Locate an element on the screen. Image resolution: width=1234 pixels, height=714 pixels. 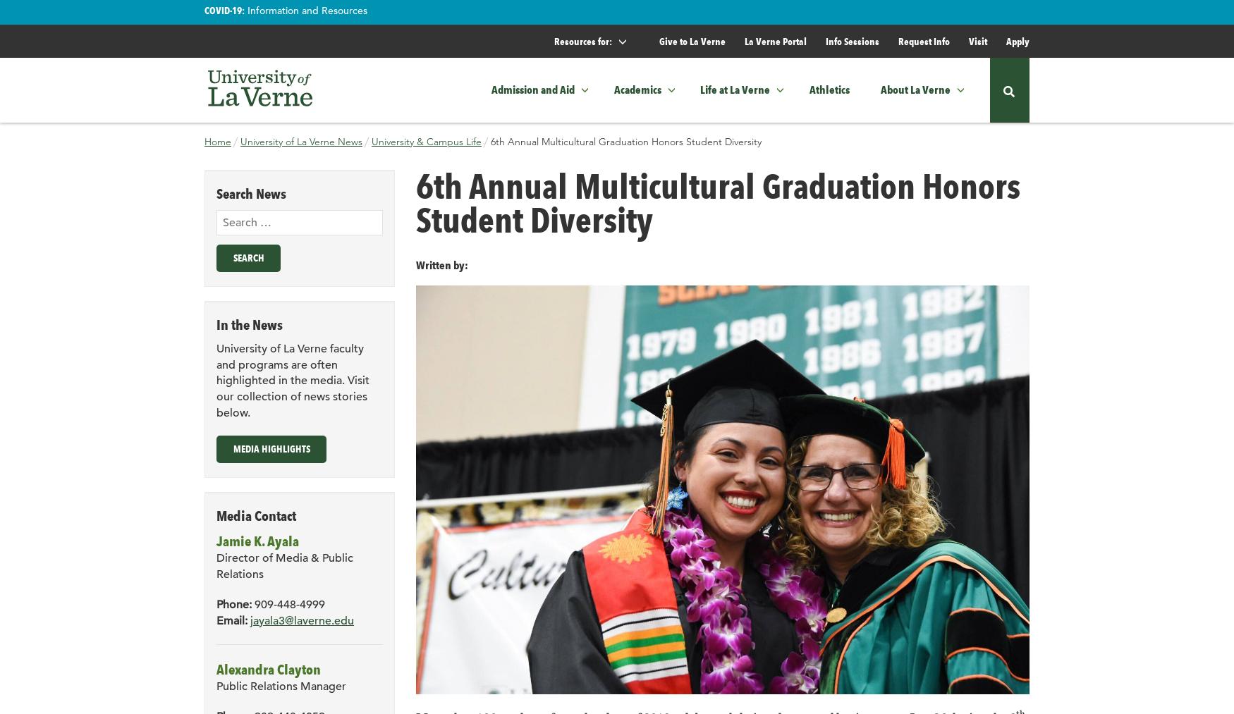
'In the News' is located at coordinates (250, 324).